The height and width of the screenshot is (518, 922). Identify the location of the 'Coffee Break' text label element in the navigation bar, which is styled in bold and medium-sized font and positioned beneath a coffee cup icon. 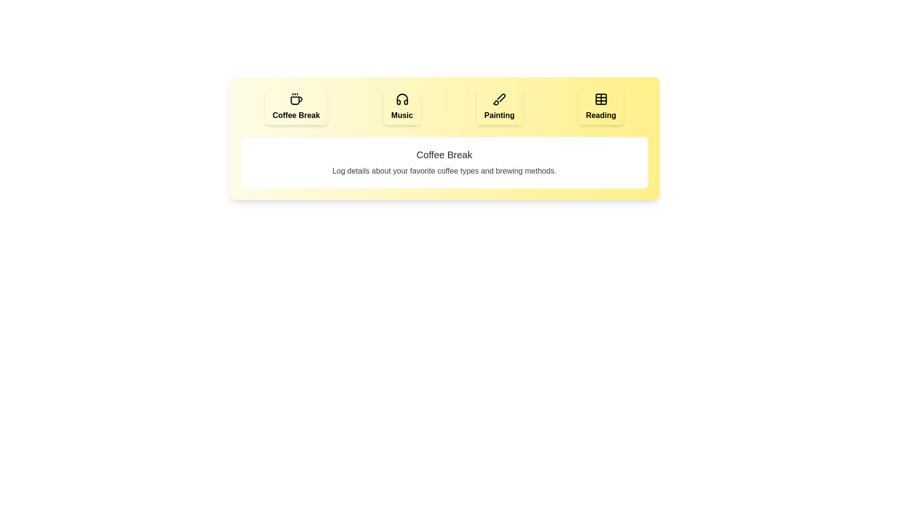
(296, 115).